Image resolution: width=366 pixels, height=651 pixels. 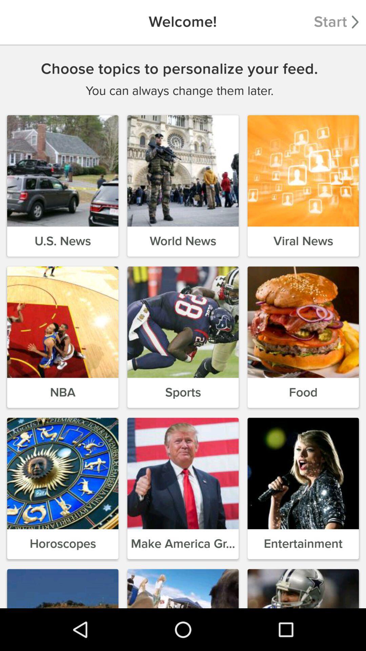 What do you see at coordinates (303, 186) in the screenshot?
I see `the third item viral news` at bounding box center [303, 186].